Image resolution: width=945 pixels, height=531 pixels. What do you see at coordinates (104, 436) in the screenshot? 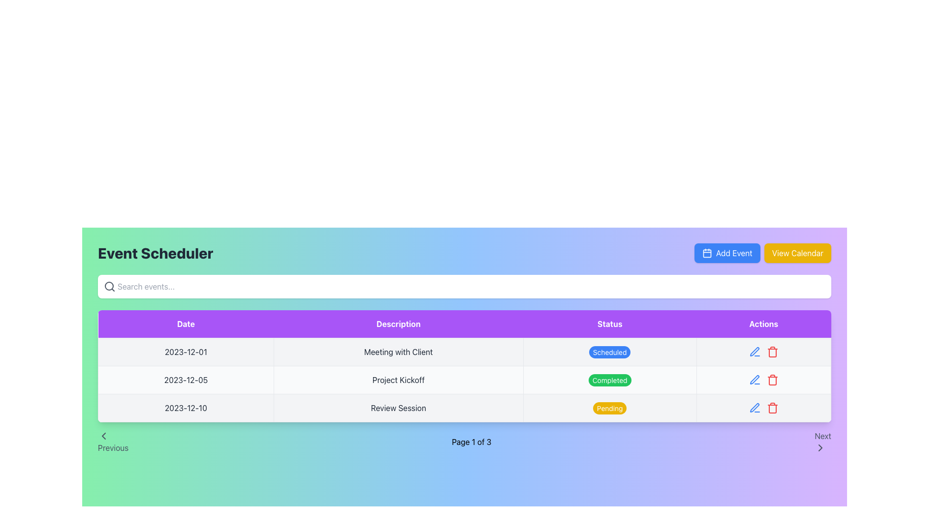
I see `the SVG-based arrow icon located near the bottom-left corner of the interface, adjacent to the text 'Previous'` at bounding box center [104, 436].